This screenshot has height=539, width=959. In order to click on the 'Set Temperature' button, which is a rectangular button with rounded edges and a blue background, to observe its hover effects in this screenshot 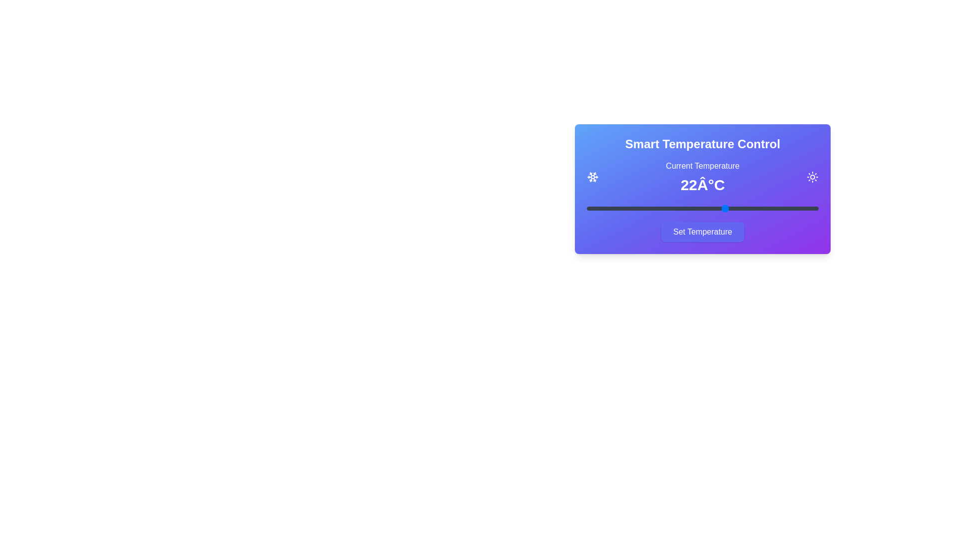, I will do `click(702, 232)`.